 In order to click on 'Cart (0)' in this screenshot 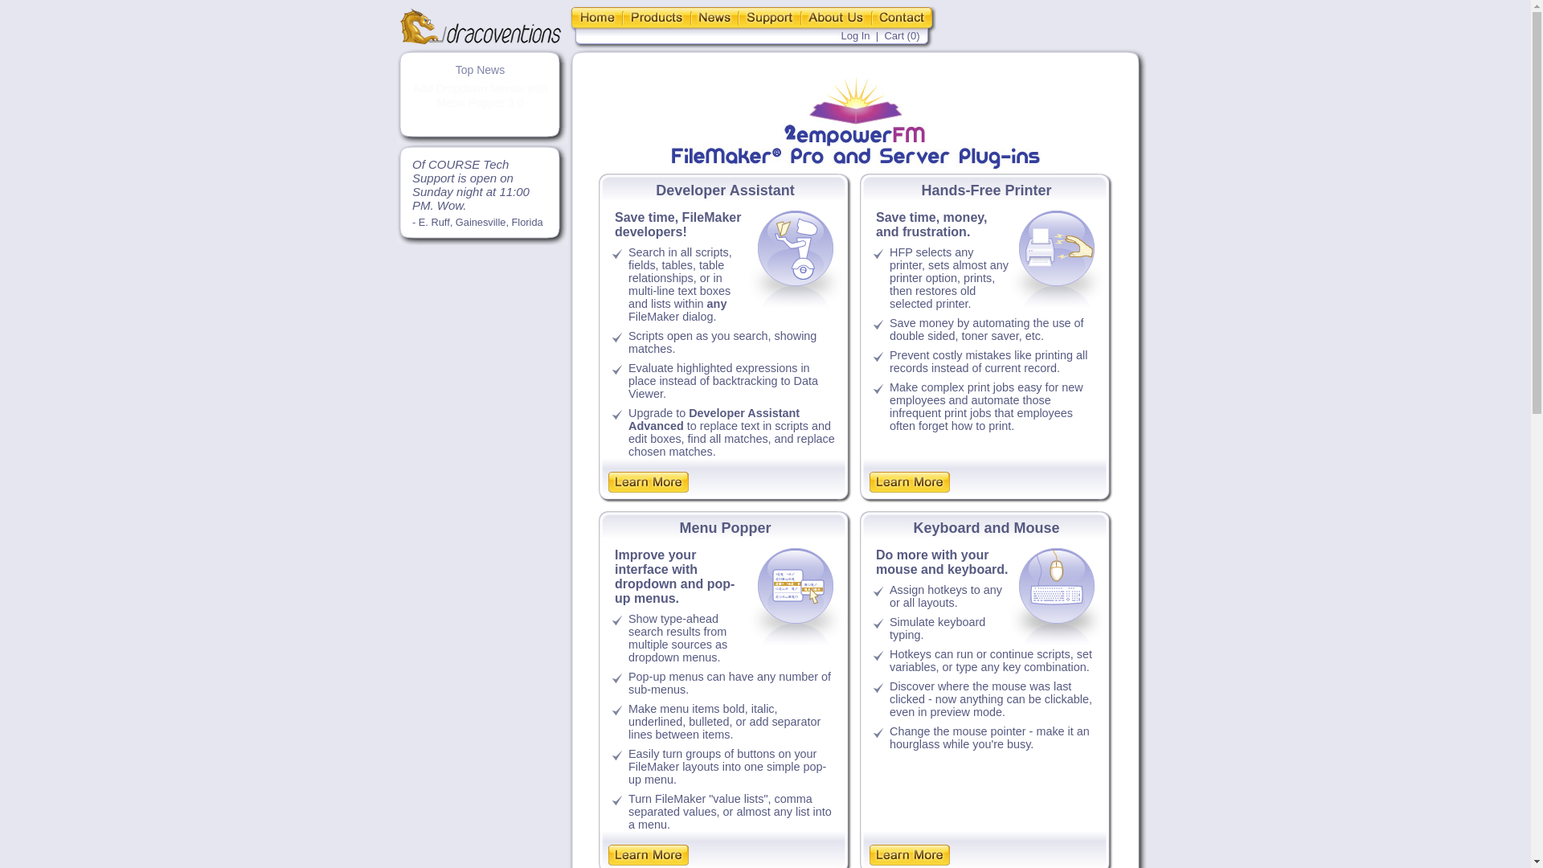, I will do `click(902, 35)`.